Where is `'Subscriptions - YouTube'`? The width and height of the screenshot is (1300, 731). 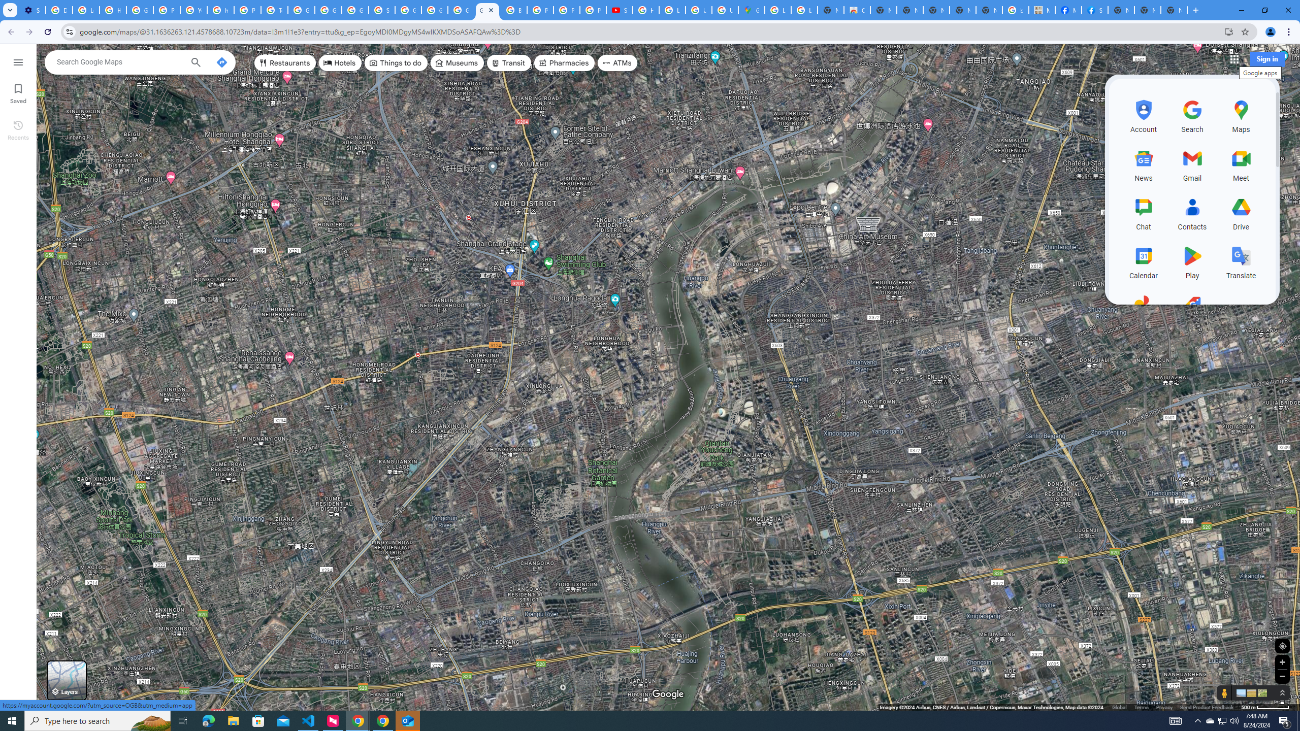
'Subscriptions - YouTube' is located at coordinates (619, 10).